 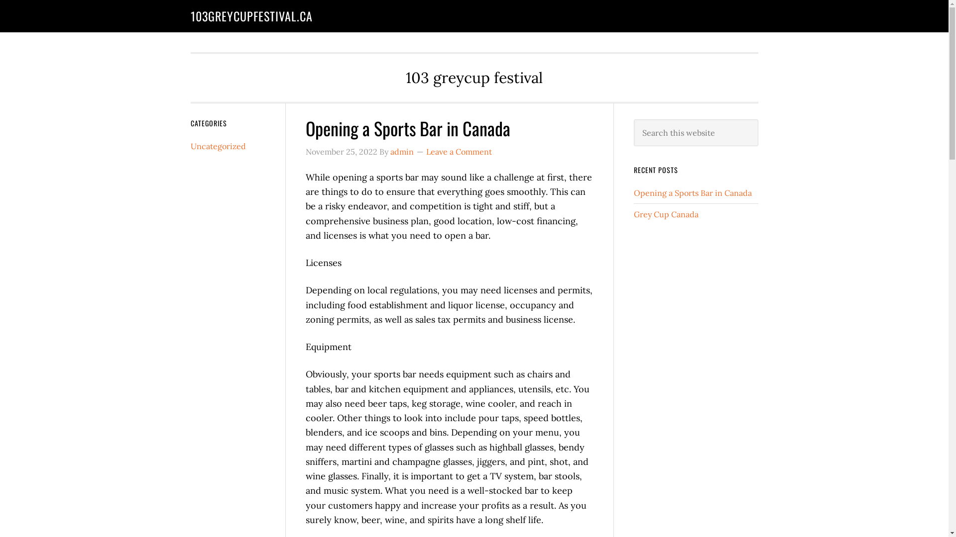 What do you see at coordinates (0, 0) in the screenshot?
I see `'Skip to main content'` at bounding box center [0, 0].